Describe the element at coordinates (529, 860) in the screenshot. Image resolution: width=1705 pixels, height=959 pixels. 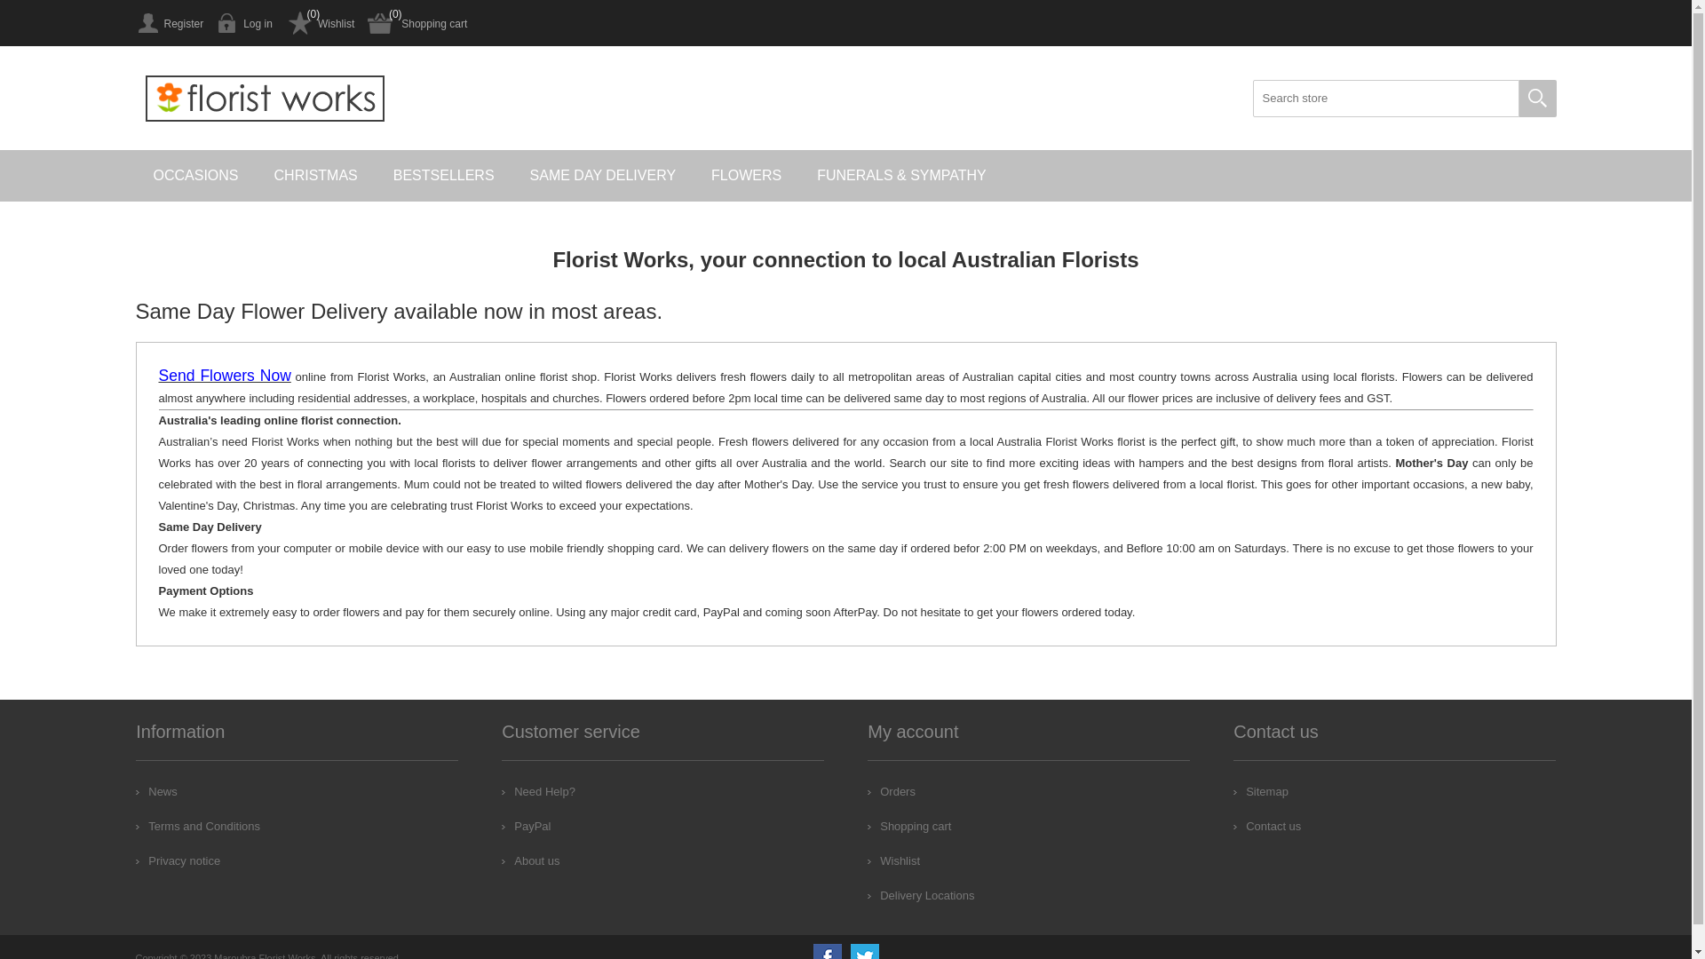
I see `'About us'` at that location.